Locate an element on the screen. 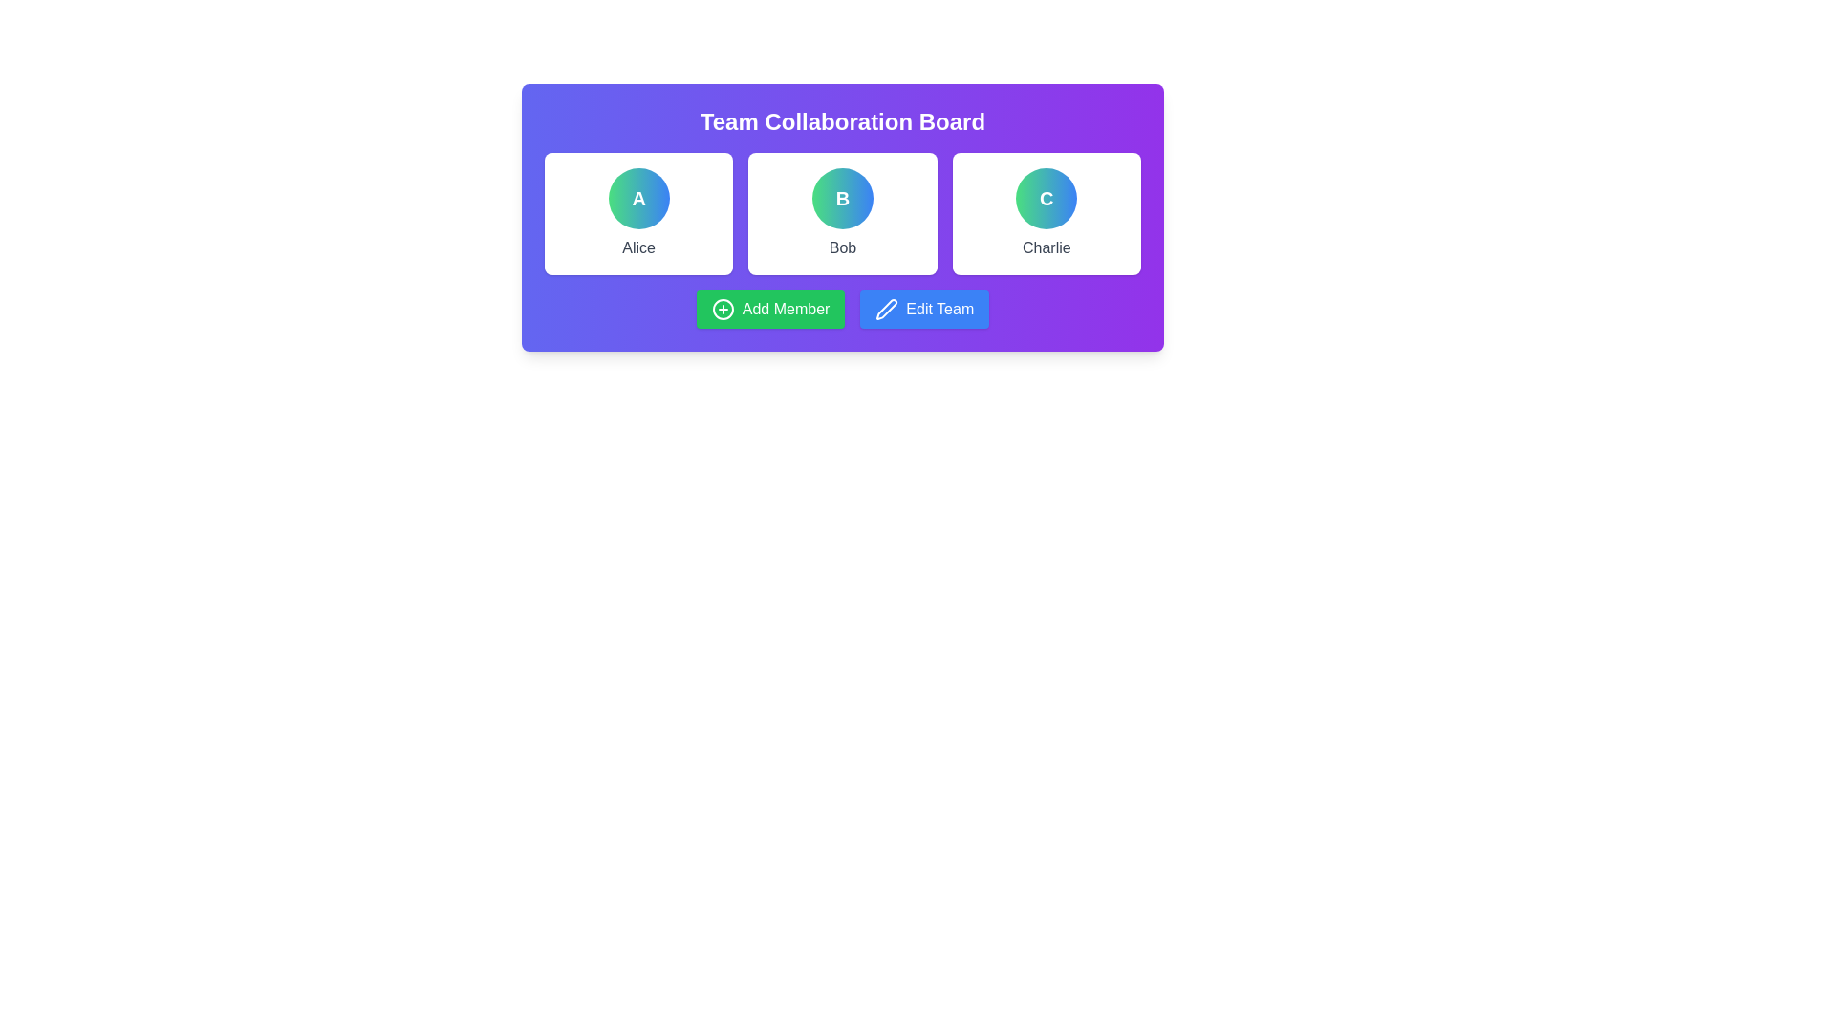 The width and height of the screenshot is (1835, 1032). the circular badge Avatar with a gradient background and the letter 'A' in the center, located at the top-middle of the white card containing the name 'Alice' is located at coordinates (638, 199).